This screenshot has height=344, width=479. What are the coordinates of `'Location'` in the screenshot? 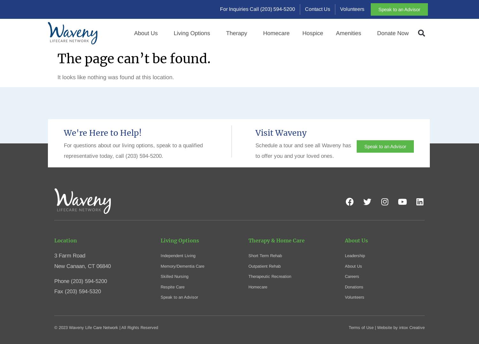 It's located at (65, 240).